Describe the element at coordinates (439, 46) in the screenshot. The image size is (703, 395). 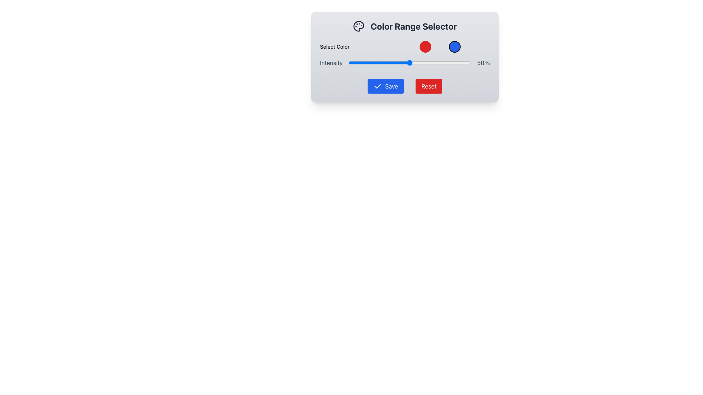
I see `the green circular button, which is the second button in a horizontal row of buttons` at that location.